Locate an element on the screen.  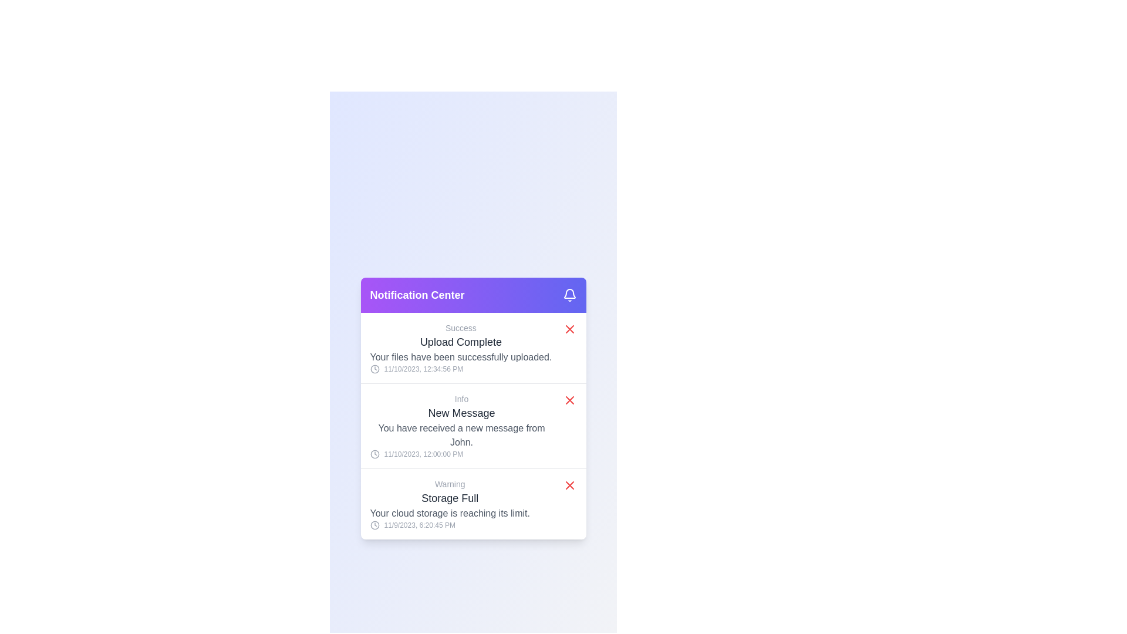
the first notification card located just below the purple header in the notification center is located at coordinates (460, 348).